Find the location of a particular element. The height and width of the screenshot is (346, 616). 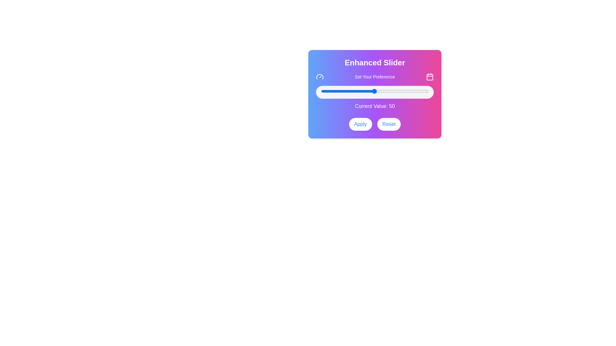

the slider is located at coordinates (387, 91).